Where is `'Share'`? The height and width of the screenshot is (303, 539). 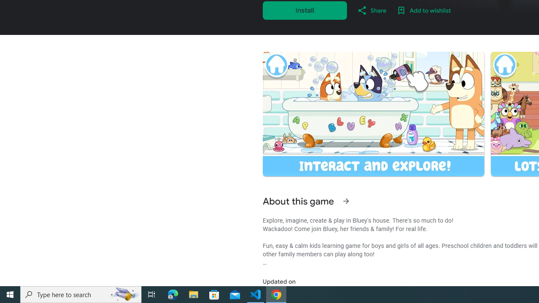
'Share' is located at coordinates (371, 10).